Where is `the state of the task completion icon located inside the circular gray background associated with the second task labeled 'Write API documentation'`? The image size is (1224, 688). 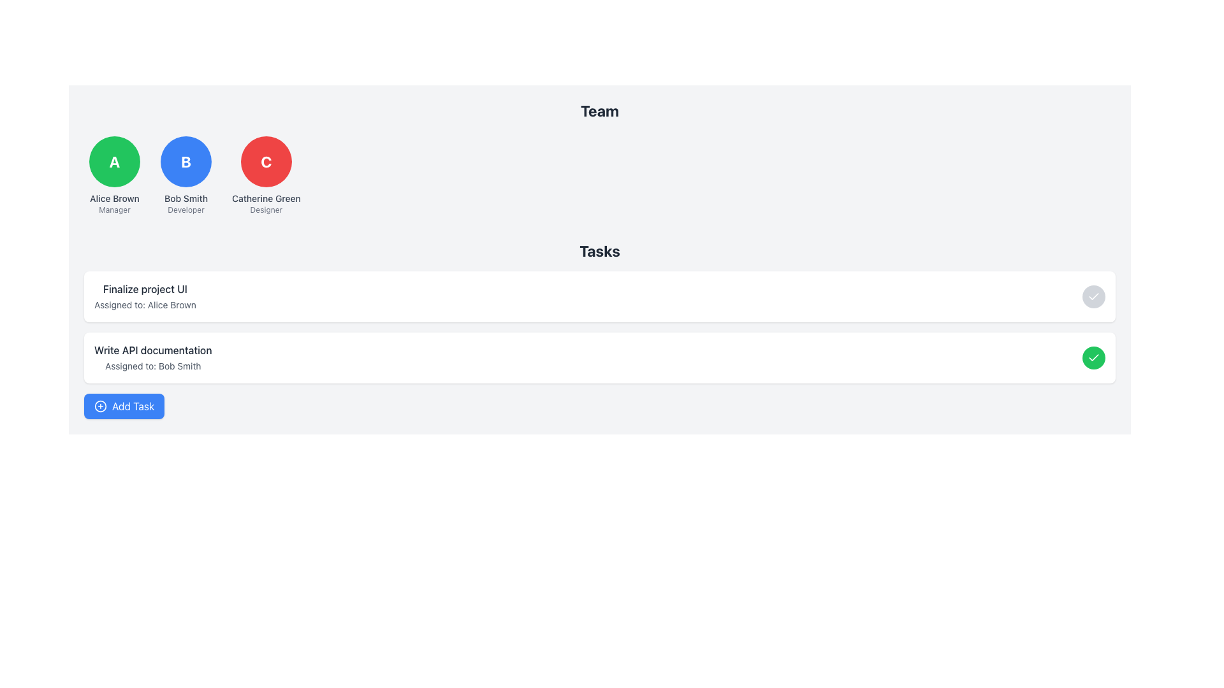
the state of the task completion icon located inside the circular gray background associated with the second task labeled 'Write API documentation' is located at coordinates (1093, 297).